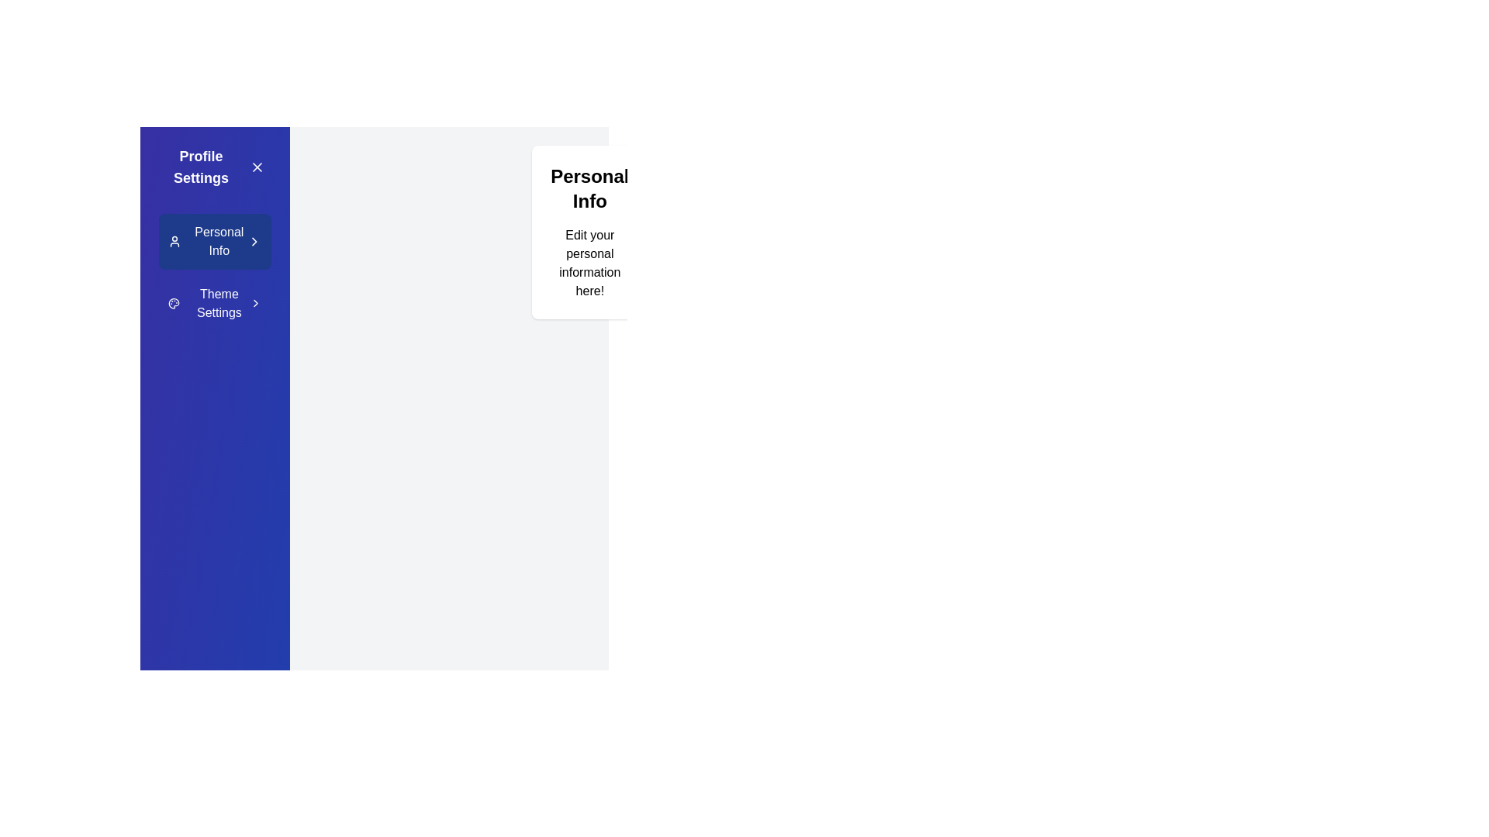  I want to click on the navigation button located in the sidebar menu for viewing and editing personal information, so click(214, 242).